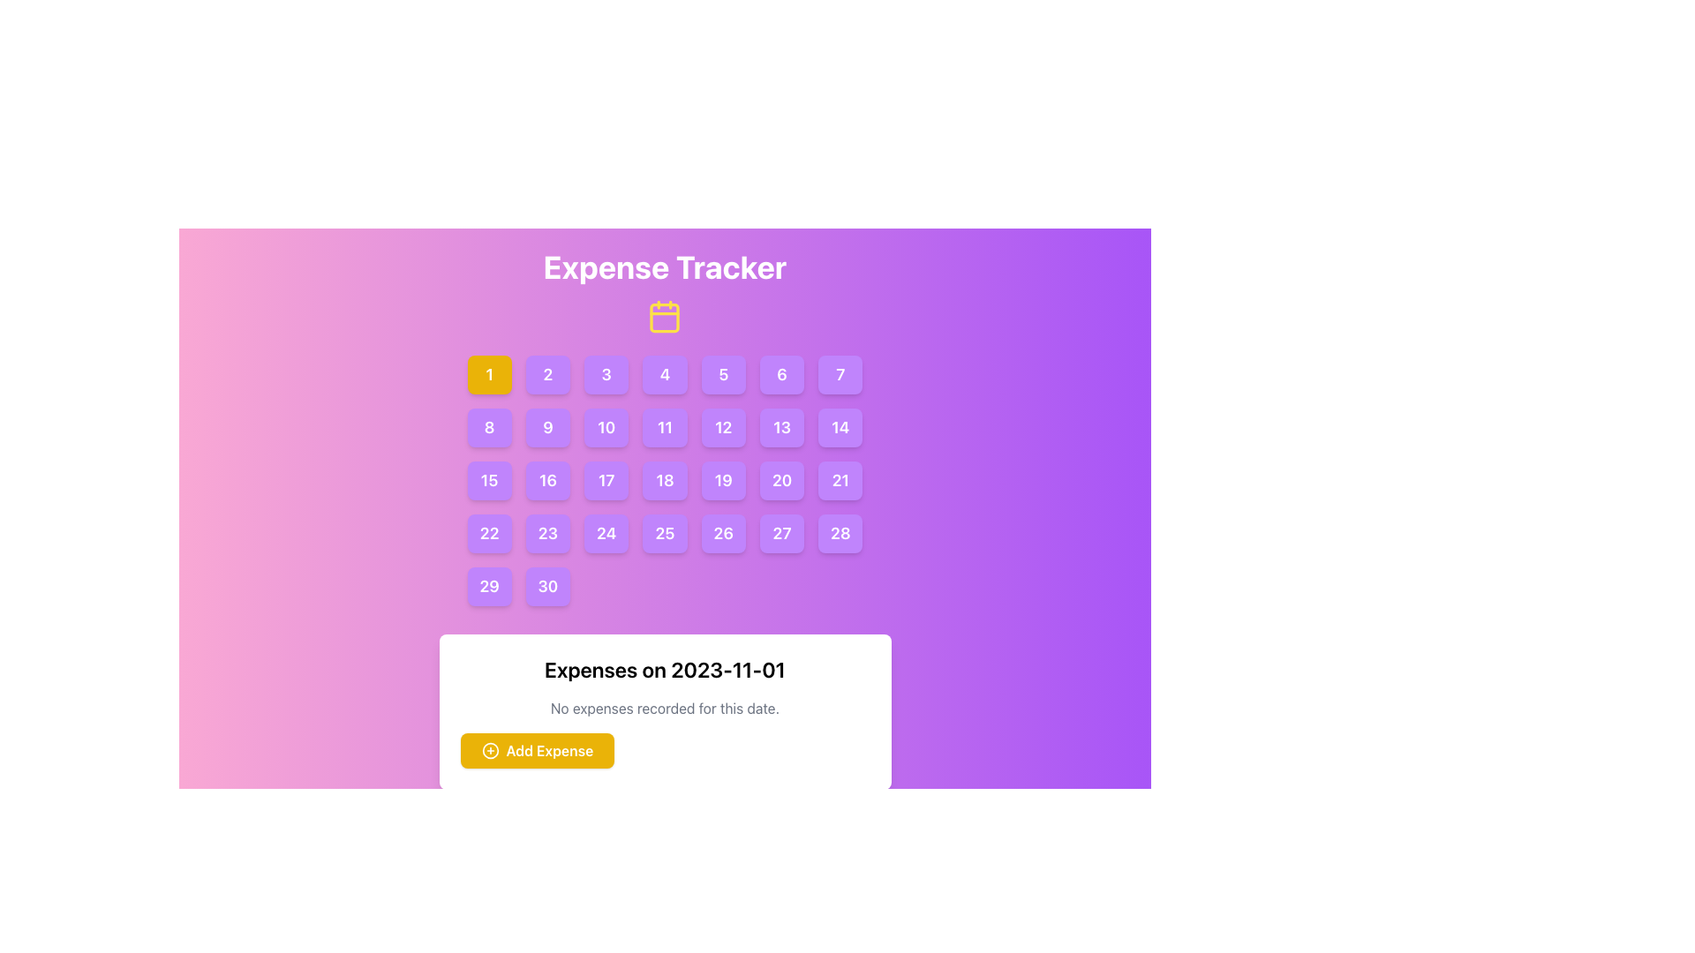 The height and width of the screenshot is (953, 1695). Describe the element at coordinates (664, 373) in the screenshot. I see `the fourth button in the first row of the calendar interface under 'Expense Tracker' by highlighting it` at that location.